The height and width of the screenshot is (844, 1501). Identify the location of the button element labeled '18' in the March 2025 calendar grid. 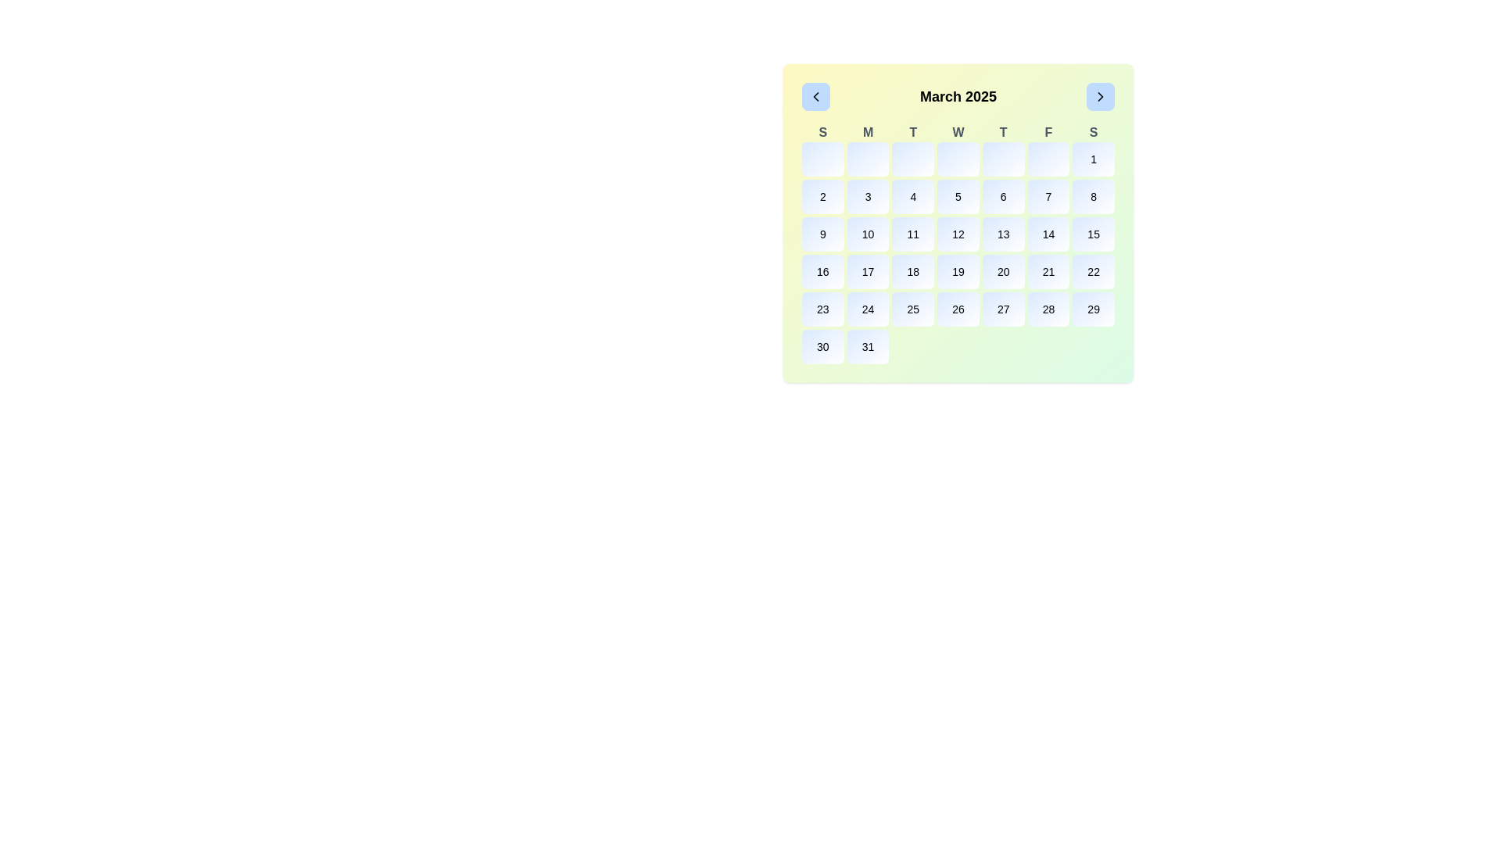
(913, 270).